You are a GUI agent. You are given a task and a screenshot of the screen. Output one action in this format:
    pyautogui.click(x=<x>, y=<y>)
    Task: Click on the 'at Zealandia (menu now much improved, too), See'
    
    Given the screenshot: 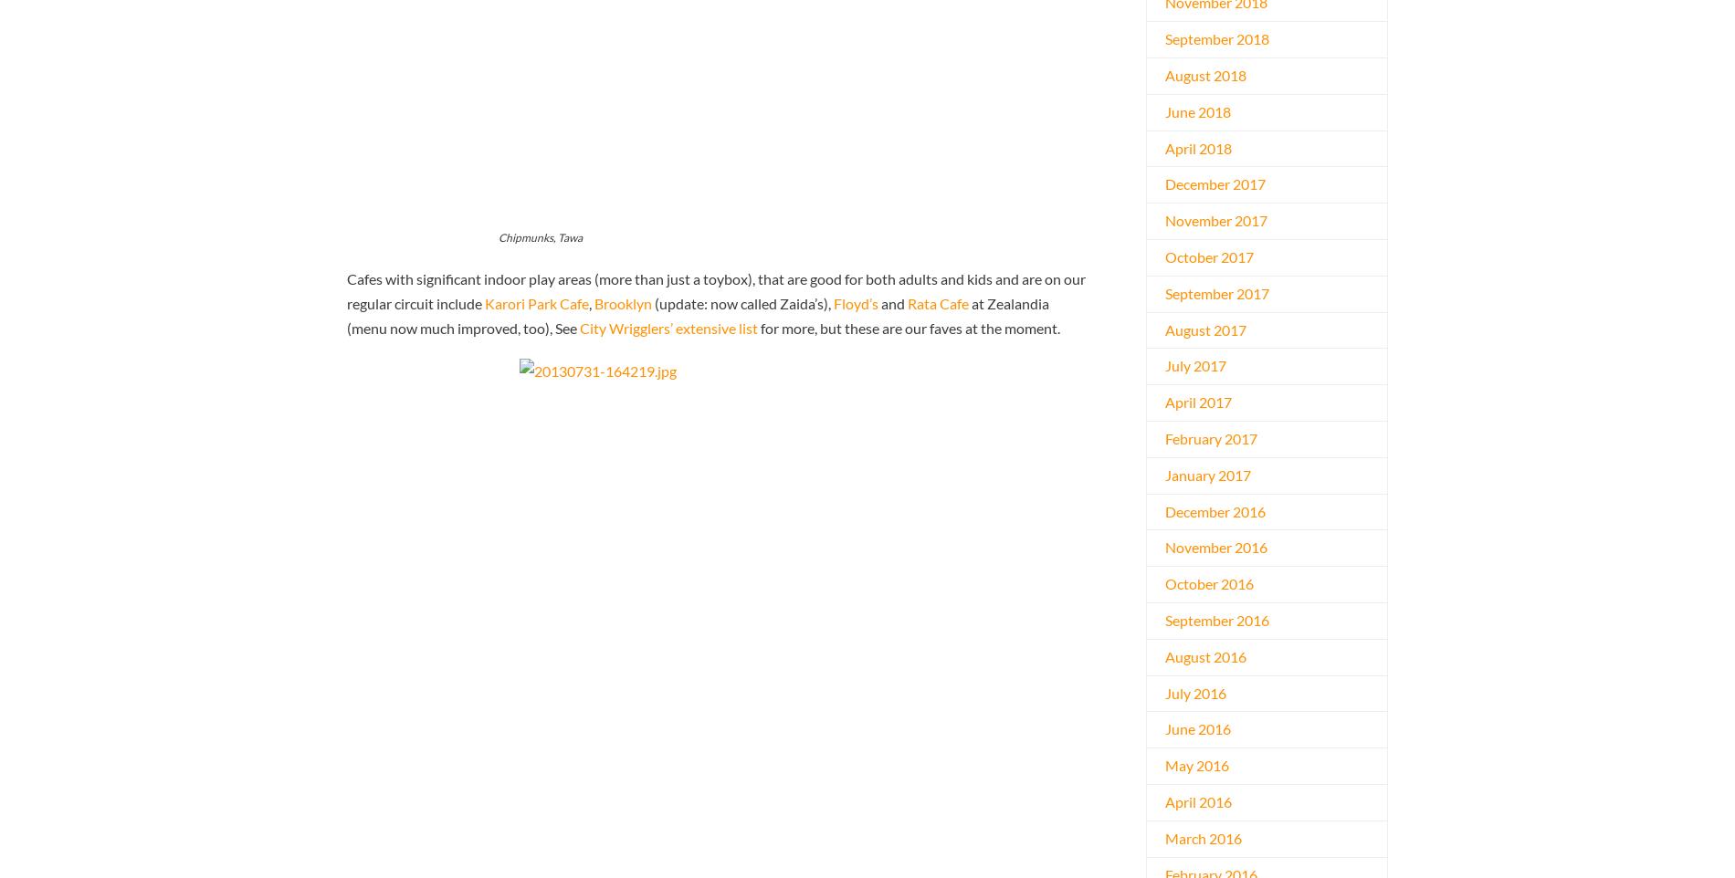 What is the action you would take?
    pyautogui.click(x=697, y=315)
    